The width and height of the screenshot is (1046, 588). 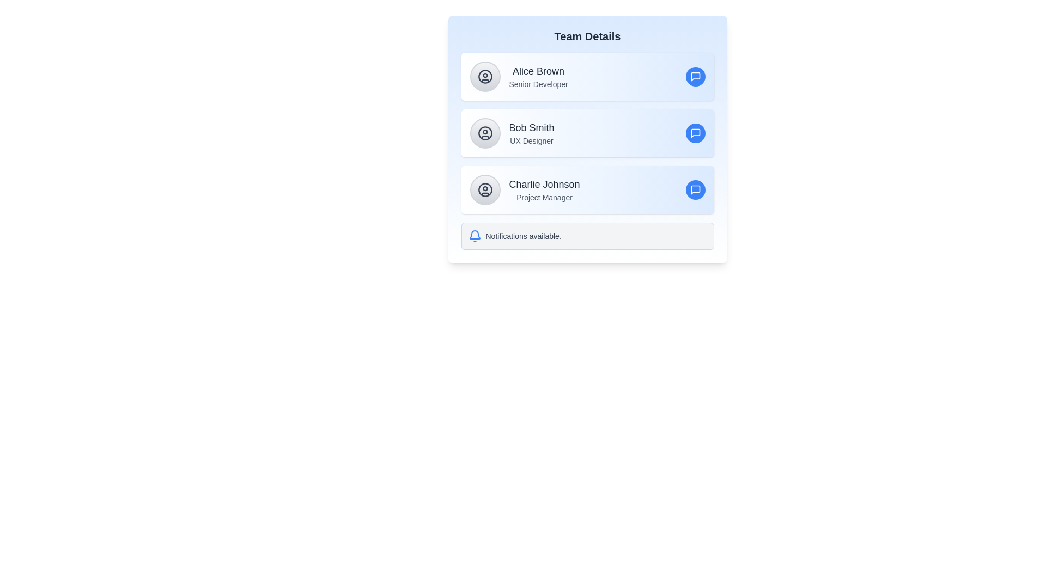 What do you see at coordinates (695, 189) in the screenshot?
I see `the small bright blue speech bubble icon button with a white border, associated with 'Charlie Johnson'` at bounding box center [695, 189].